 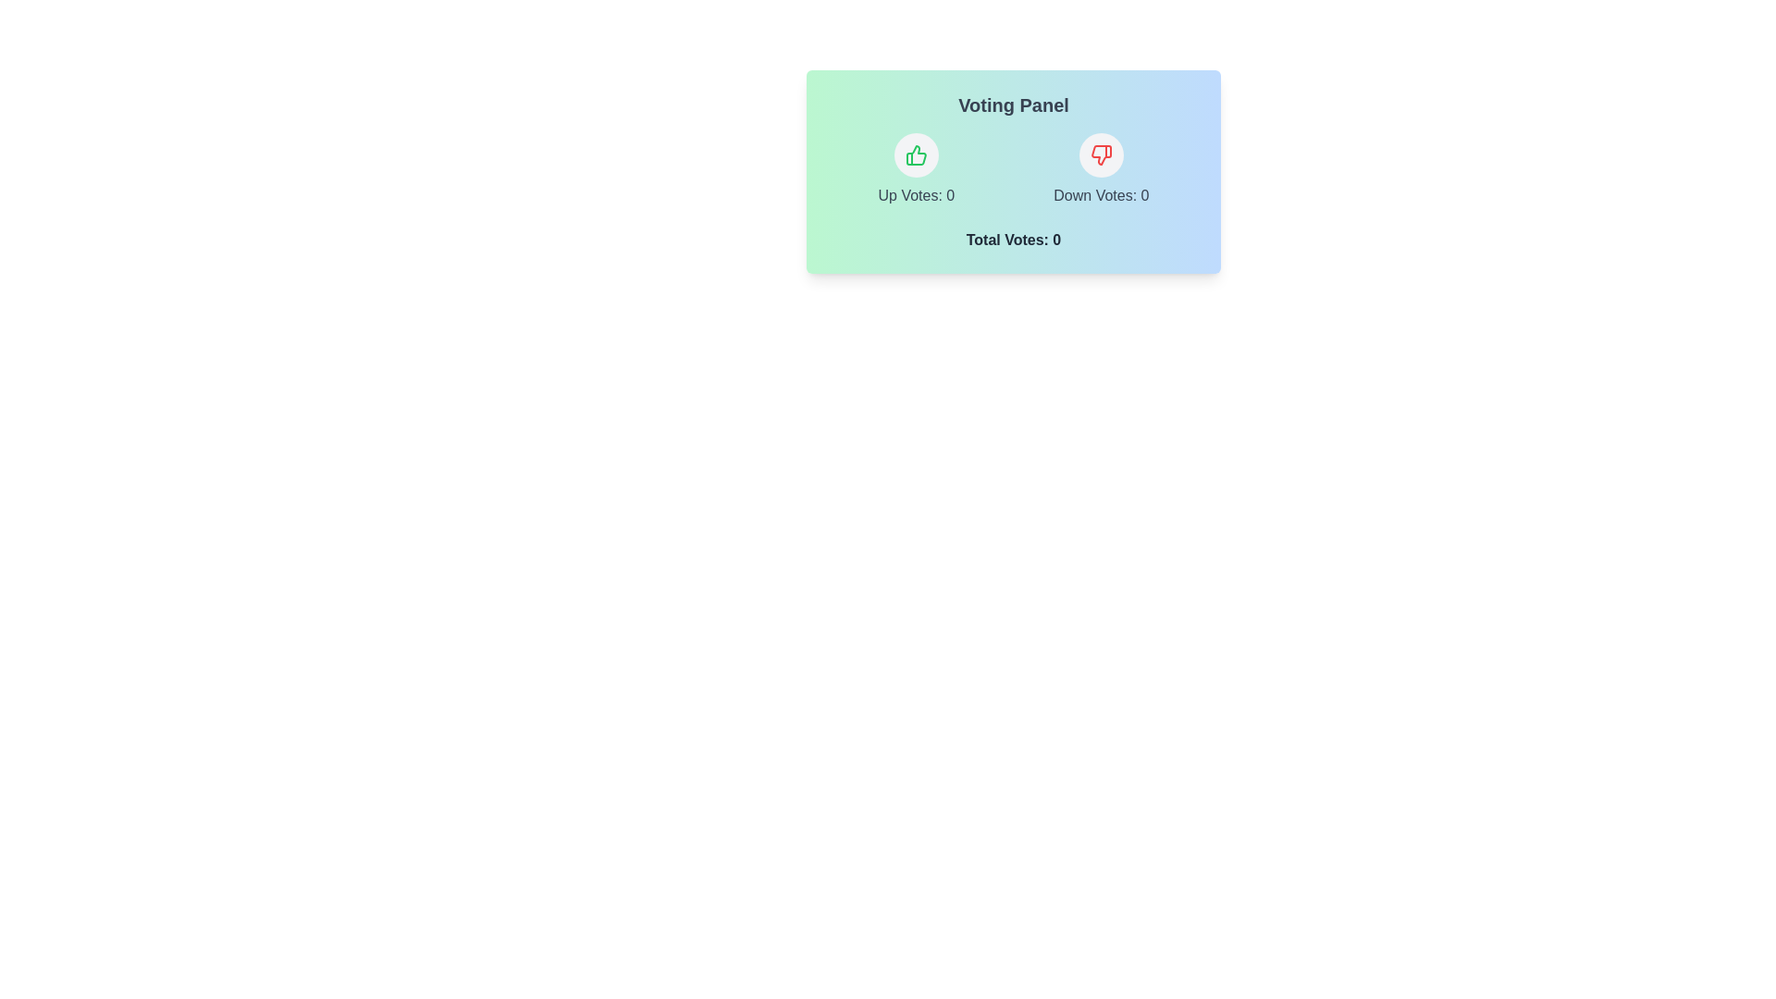 I want to click on the downvote icon button located in the right portion of the voting panel, specifically in the 'Down Votes' section, so click(x=1101, y=154).